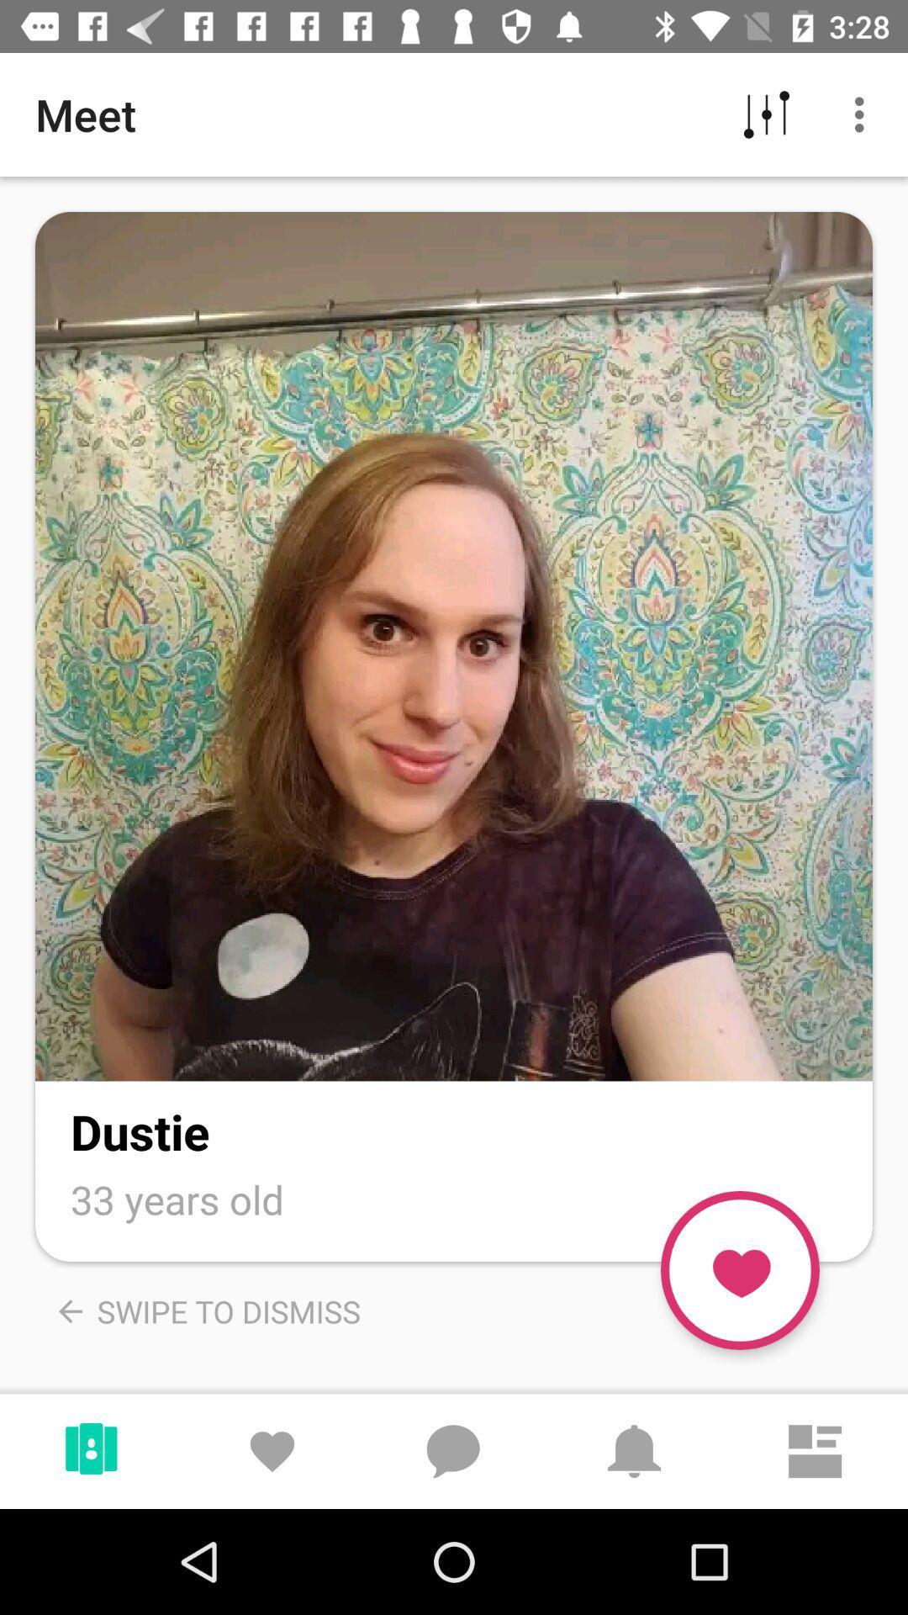 The height and width of the screenshot is (1615, 908). What do you see at coordinates (739, 1270) in the screenshot?
I see `item next to swipe to dismiss item` at bounding box center [739, 1270].